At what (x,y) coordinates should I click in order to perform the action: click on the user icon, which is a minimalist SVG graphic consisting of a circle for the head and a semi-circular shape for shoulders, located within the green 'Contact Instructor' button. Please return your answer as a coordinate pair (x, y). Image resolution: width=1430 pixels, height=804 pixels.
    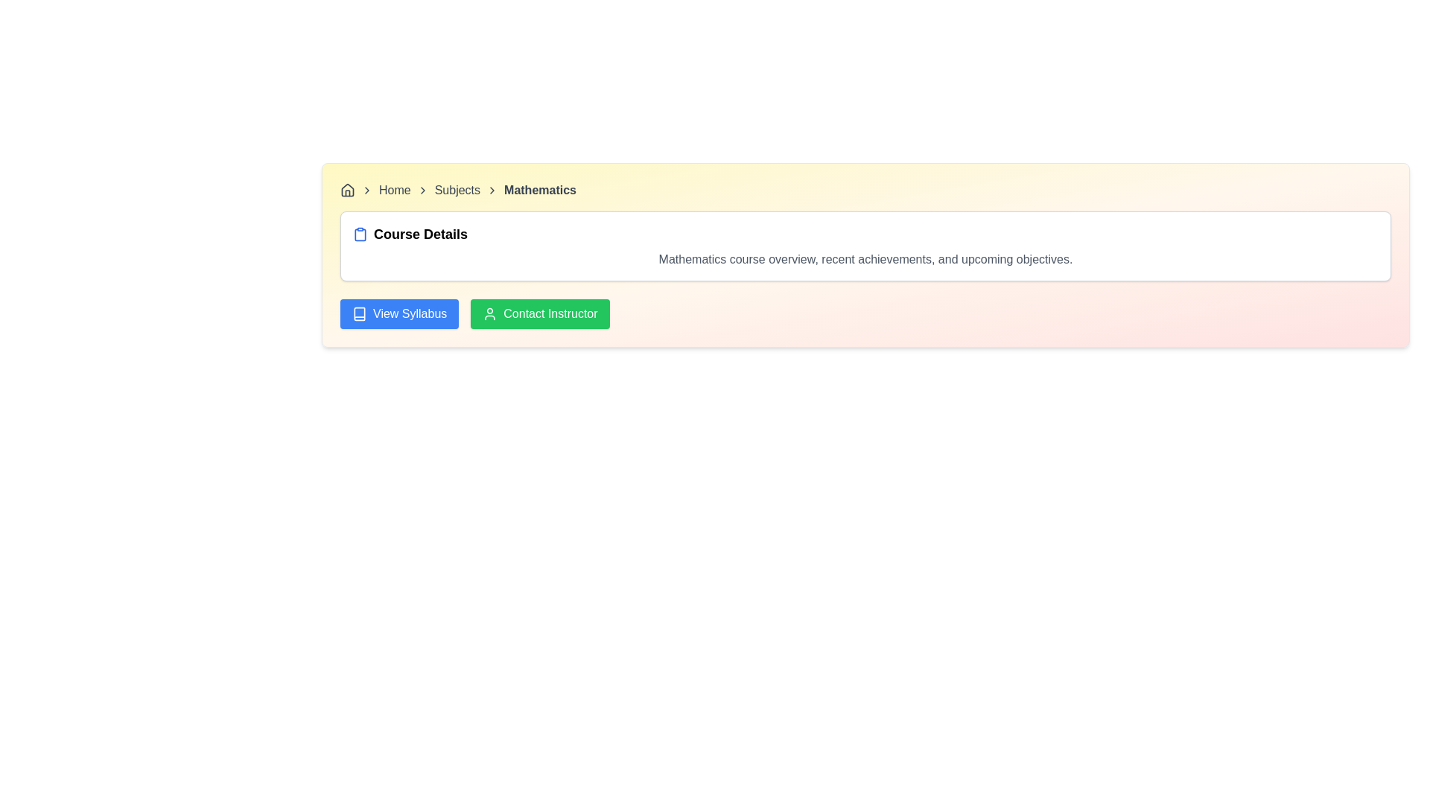
    Looking at the image, I should click on (490, 313).